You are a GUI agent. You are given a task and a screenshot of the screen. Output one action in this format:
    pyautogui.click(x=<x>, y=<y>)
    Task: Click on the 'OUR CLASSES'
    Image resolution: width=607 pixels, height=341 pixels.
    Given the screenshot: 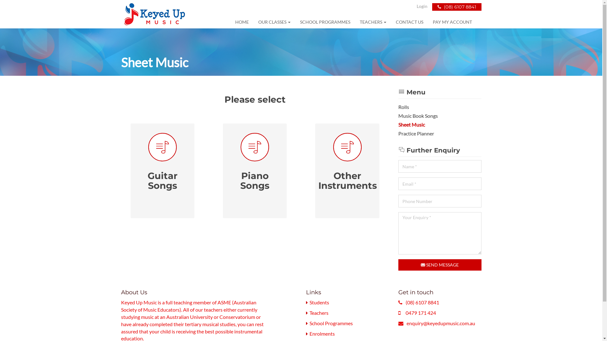 What is the action you would take?
    pyautogui.click(x=274, y=21)
    